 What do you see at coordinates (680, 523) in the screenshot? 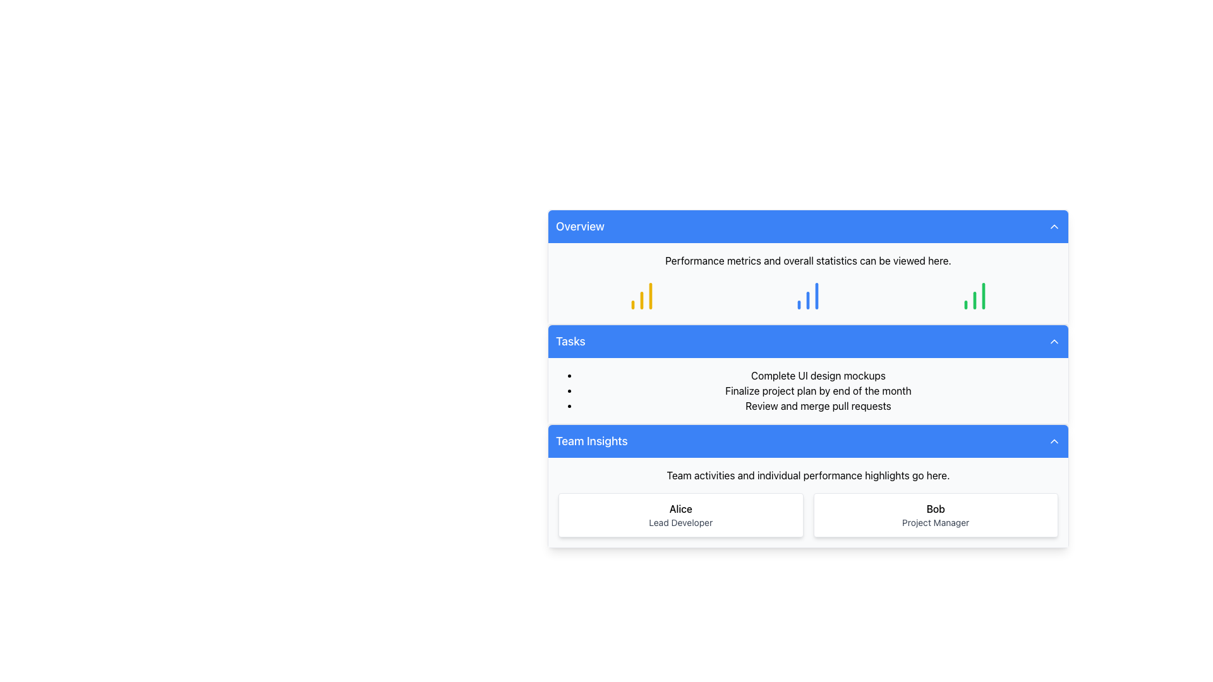
I see `the informational text displaying 'Lead Developer' located below 'Alice' in the 'Team Insights' panel` at bounding box center [680, 523].